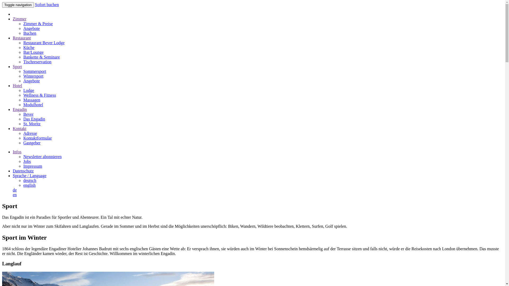 This screenshot has width=509, height=286. Describe the element at coordinates (35, 5) in the screenshot. I see `'Sofort buchen'` at that location.